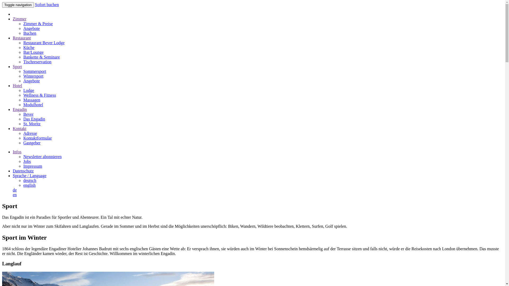 This screenshot has width=509, height=286. Describe the element at coordinates (35, 5) in the screenshot. I see `'Sofort buchen'` at that location.